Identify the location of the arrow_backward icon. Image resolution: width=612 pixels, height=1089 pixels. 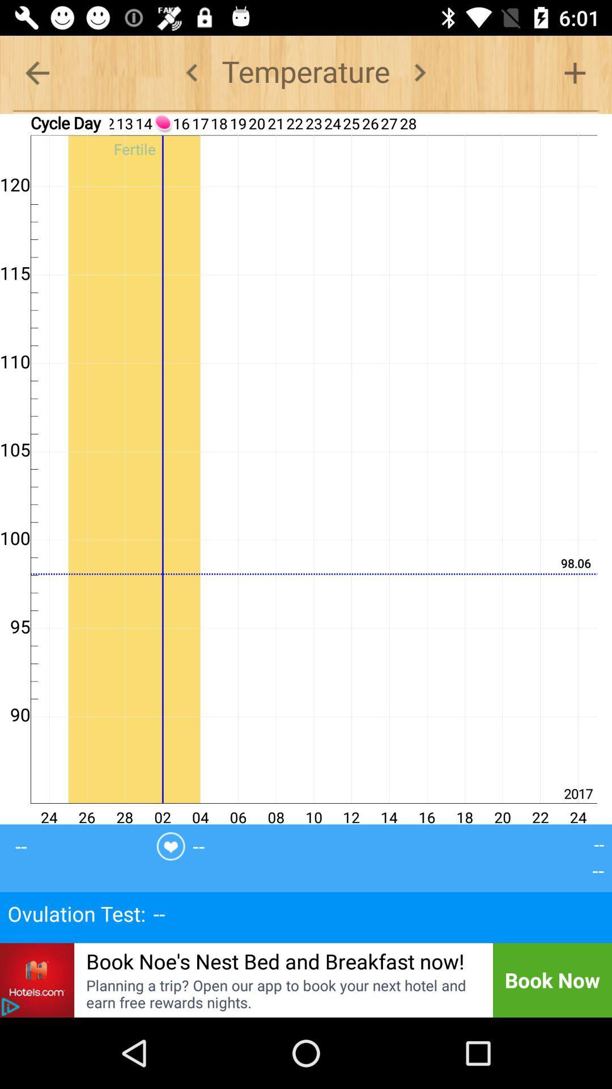
(192, 72).